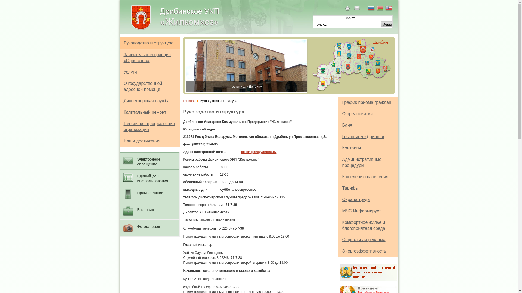  I want to click on 'dribin-gkh@yandex.by', so click(259, 152).